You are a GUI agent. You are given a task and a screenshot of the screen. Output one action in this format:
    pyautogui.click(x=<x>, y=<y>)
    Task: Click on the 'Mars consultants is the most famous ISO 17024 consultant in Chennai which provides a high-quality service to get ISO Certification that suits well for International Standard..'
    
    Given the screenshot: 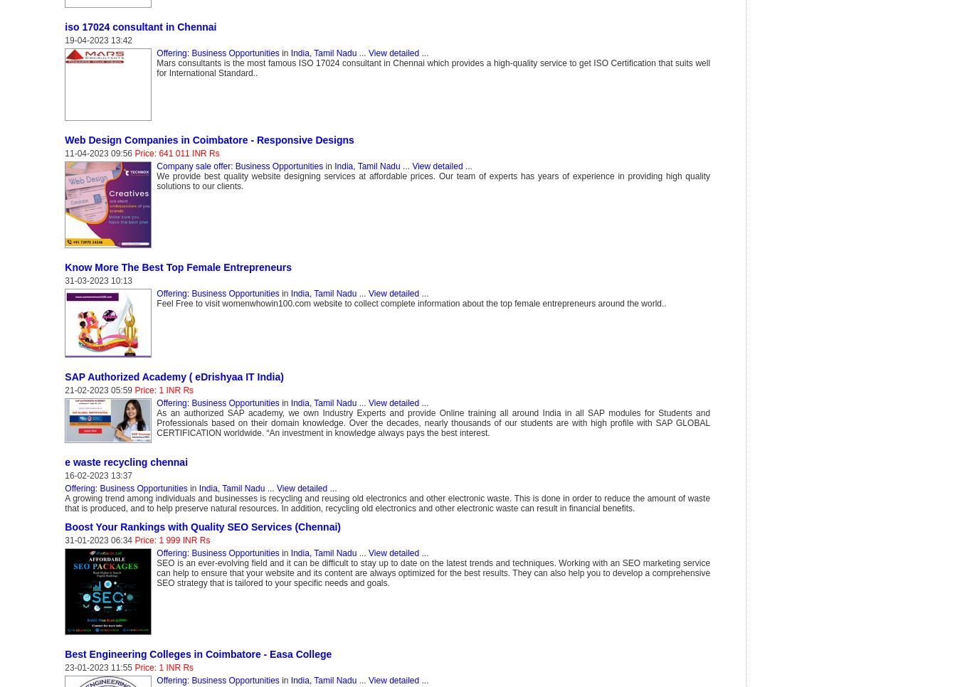 What is the action you would take?
    pyautogui.click(x=156, y=68)
    